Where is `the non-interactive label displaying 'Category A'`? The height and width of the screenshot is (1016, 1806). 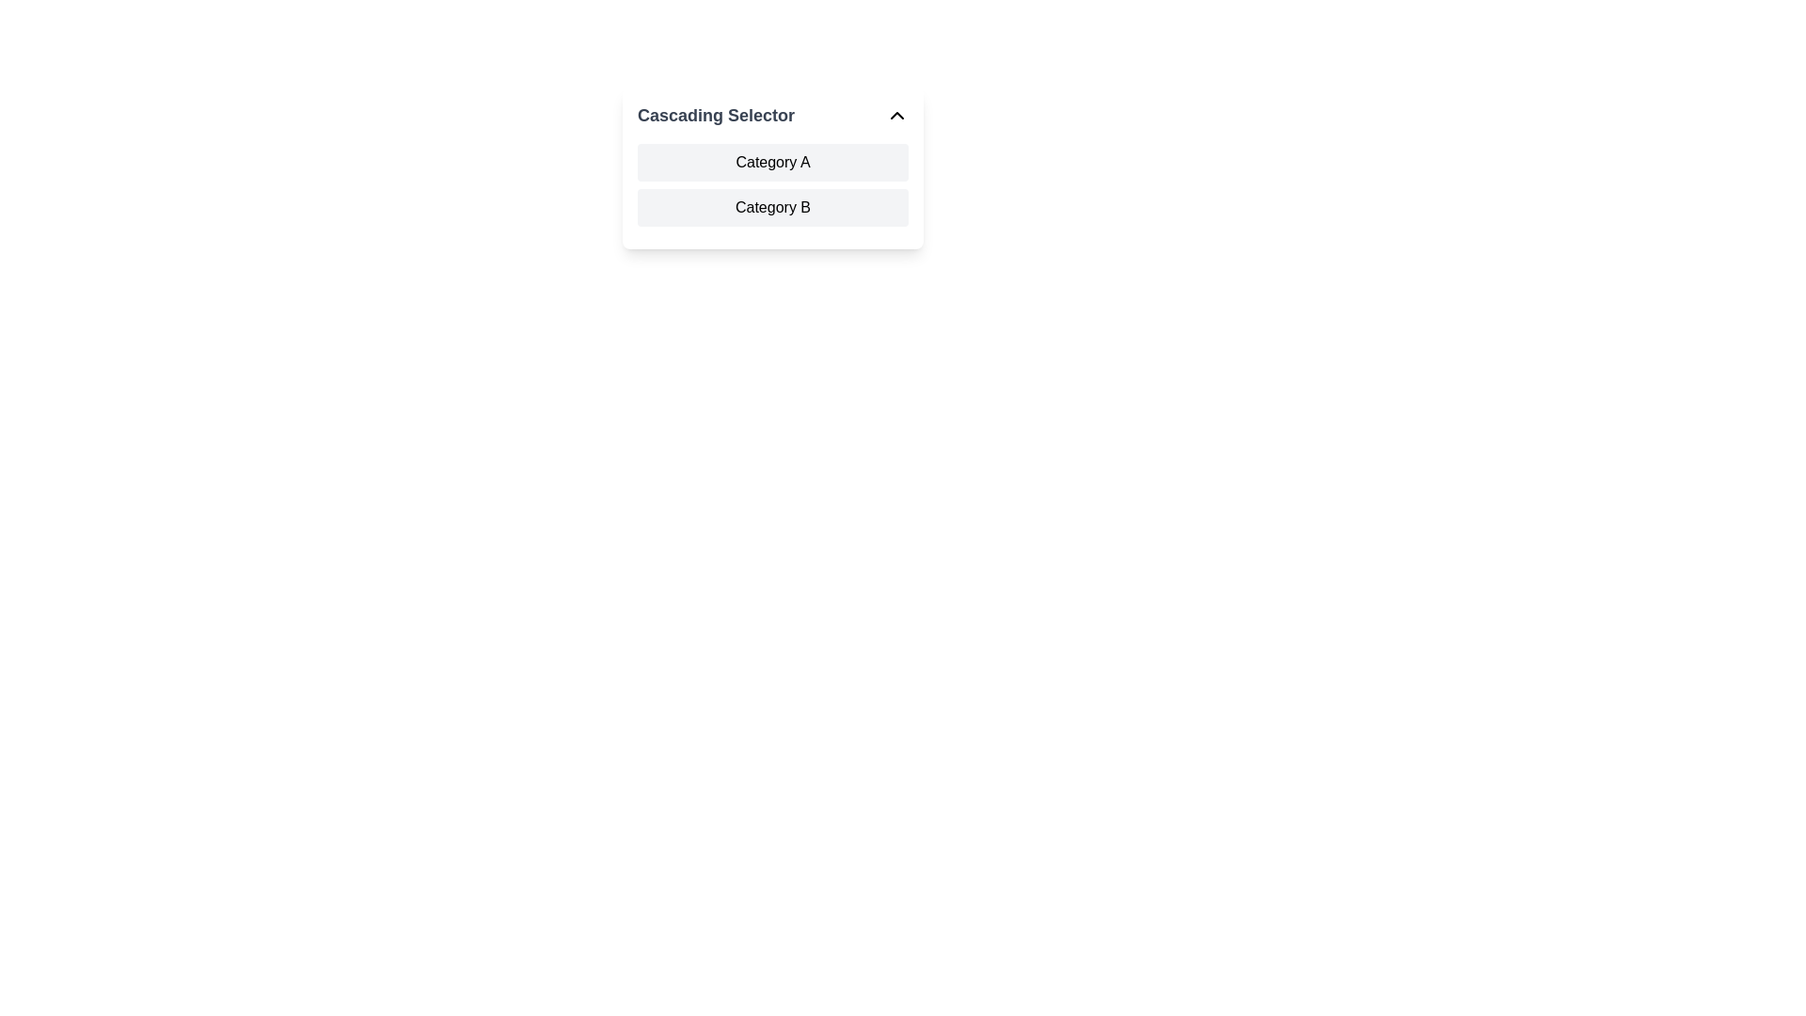
the non-interactive label displaying 'Category A' is located at coordinates (772, 162).